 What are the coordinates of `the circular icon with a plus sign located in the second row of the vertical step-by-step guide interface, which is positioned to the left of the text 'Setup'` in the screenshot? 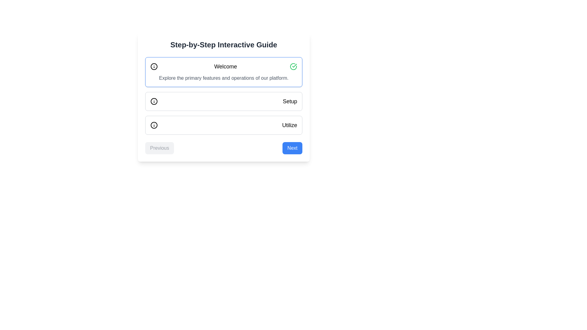 It's located at (154, 101).